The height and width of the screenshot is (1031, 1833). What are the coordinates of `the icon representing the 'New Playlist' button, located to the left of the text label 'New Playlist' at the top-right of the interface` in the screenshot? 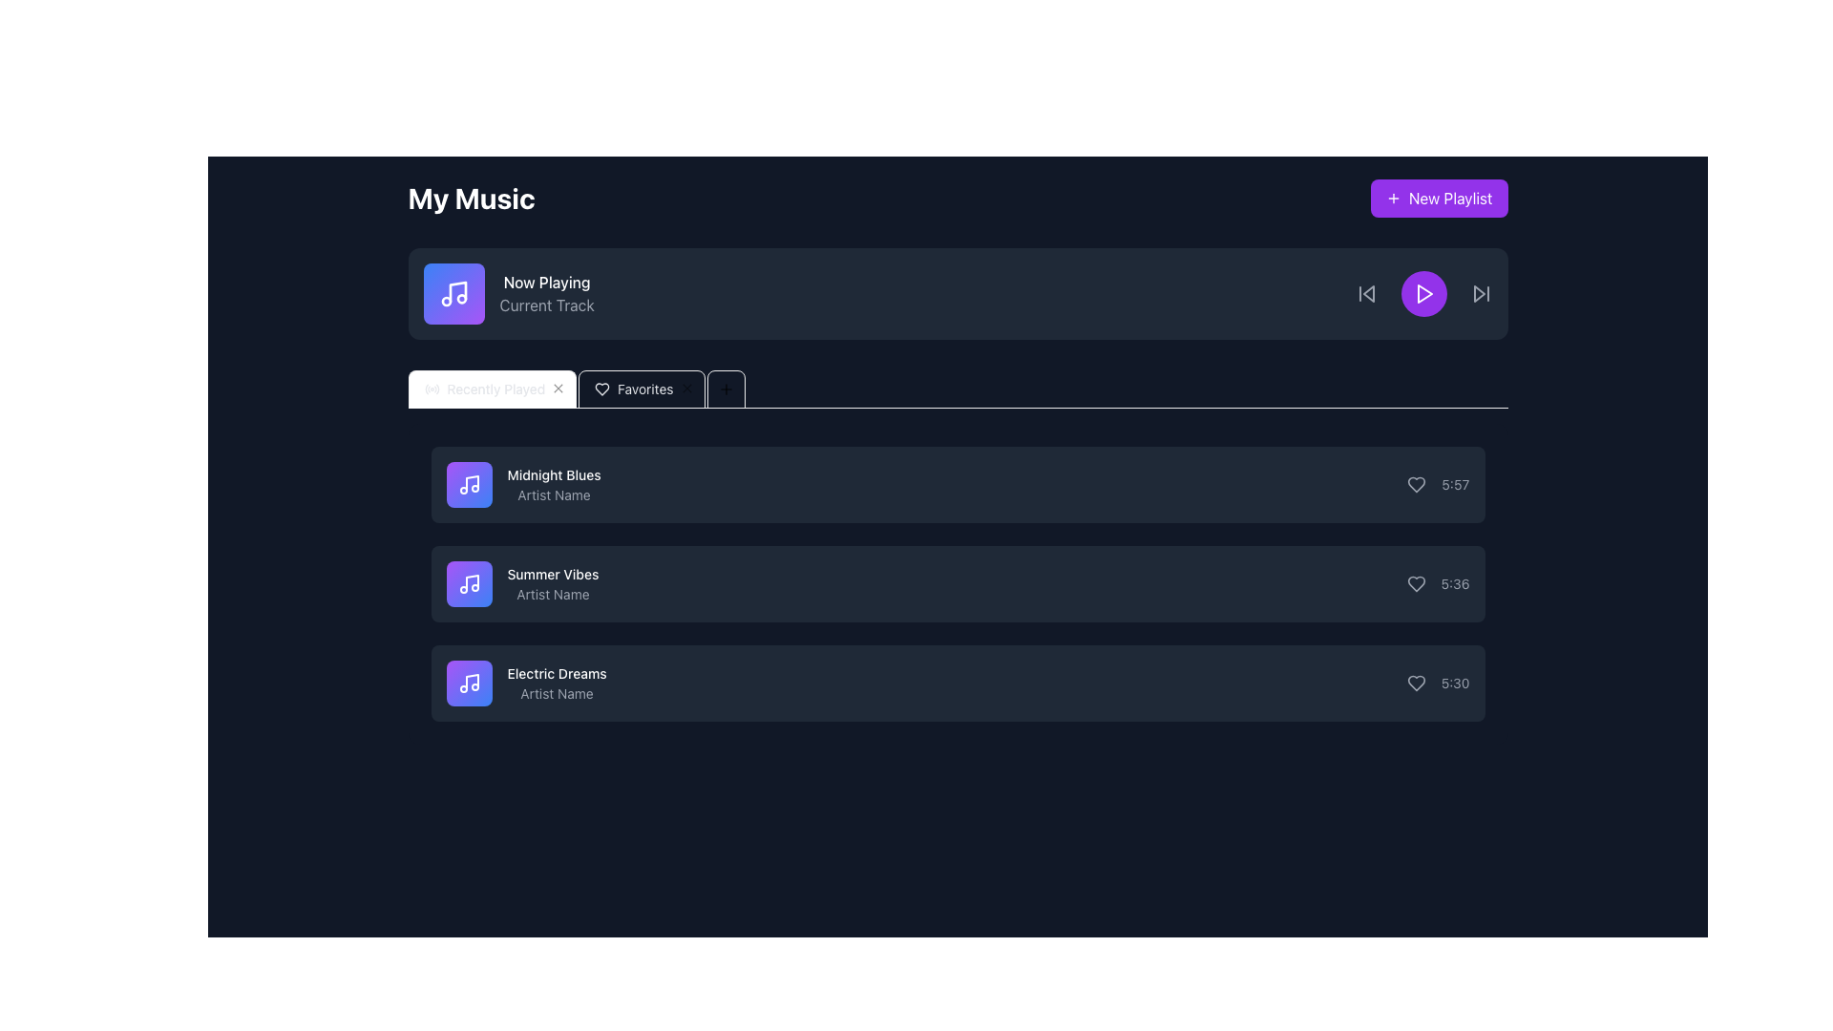 It's located at (1393, 199).